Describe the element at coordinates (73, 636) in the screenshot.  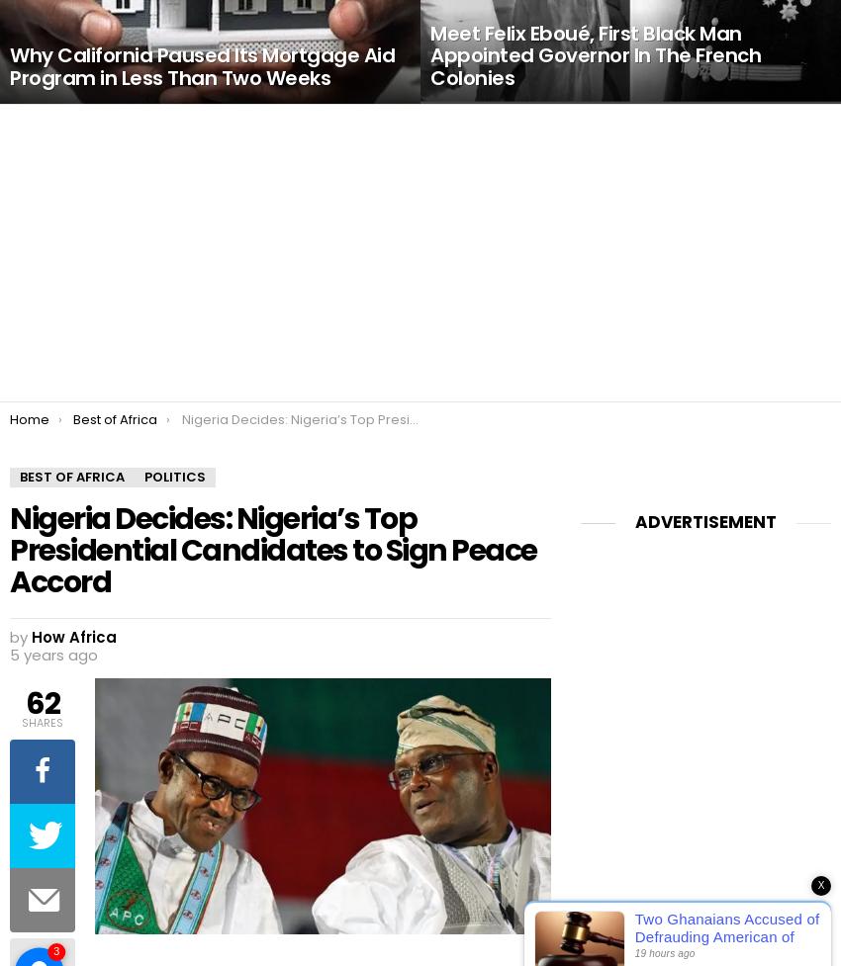
I see `'How Africa'` at that location.